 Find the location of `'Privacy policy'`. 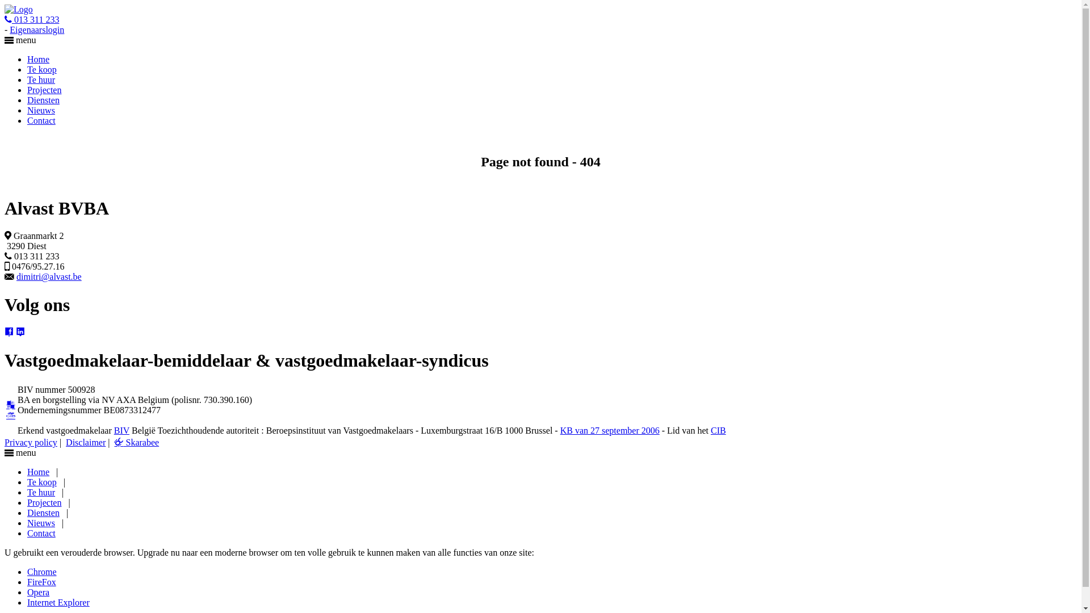

'Privacy policy' is located at coordinates (31, 442).